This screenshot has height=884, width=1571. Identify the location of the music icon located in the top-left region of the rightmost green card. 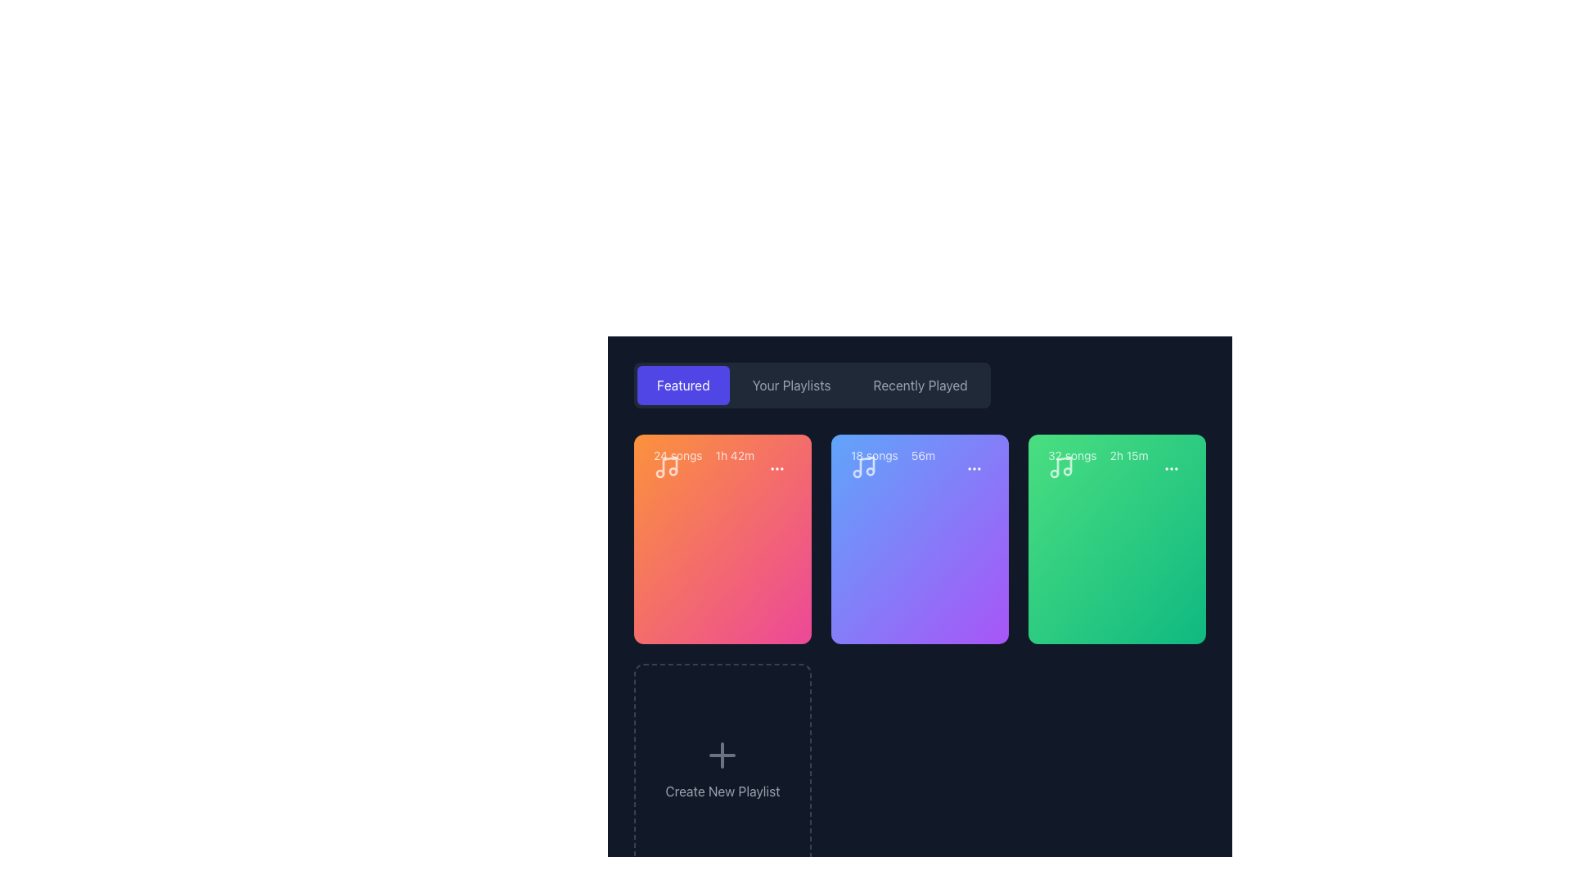
(1060, 467).